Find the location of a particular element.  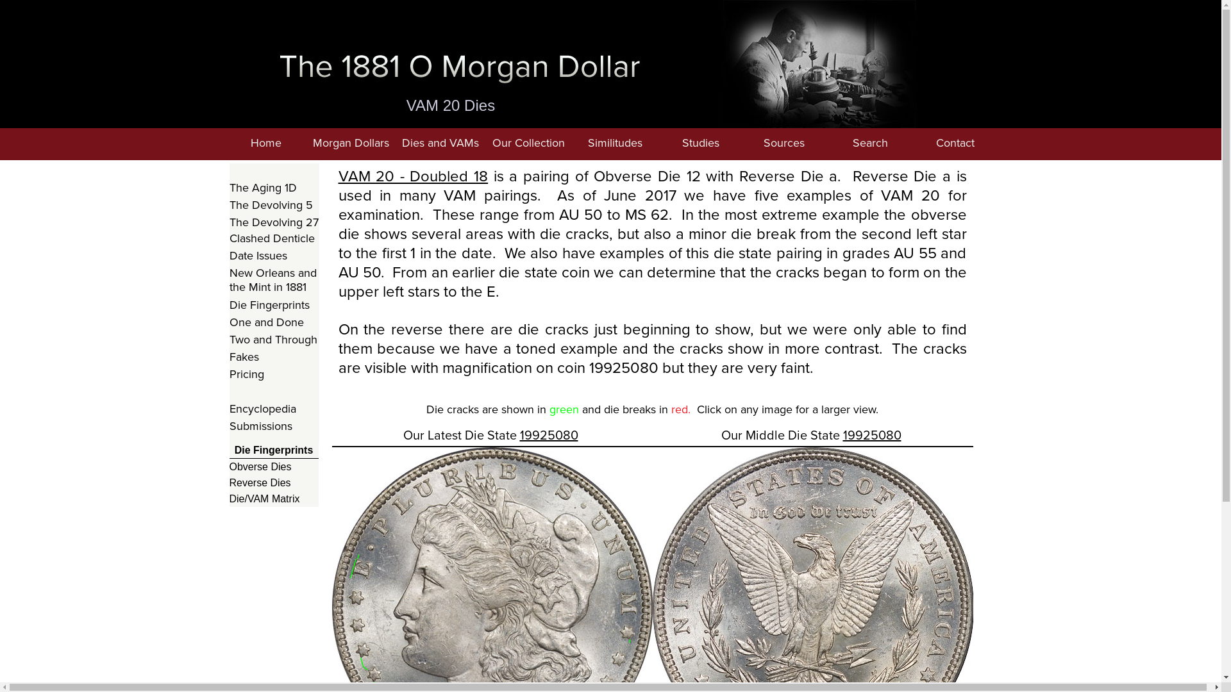

'Submissions' is located at coordinates (273, 426).